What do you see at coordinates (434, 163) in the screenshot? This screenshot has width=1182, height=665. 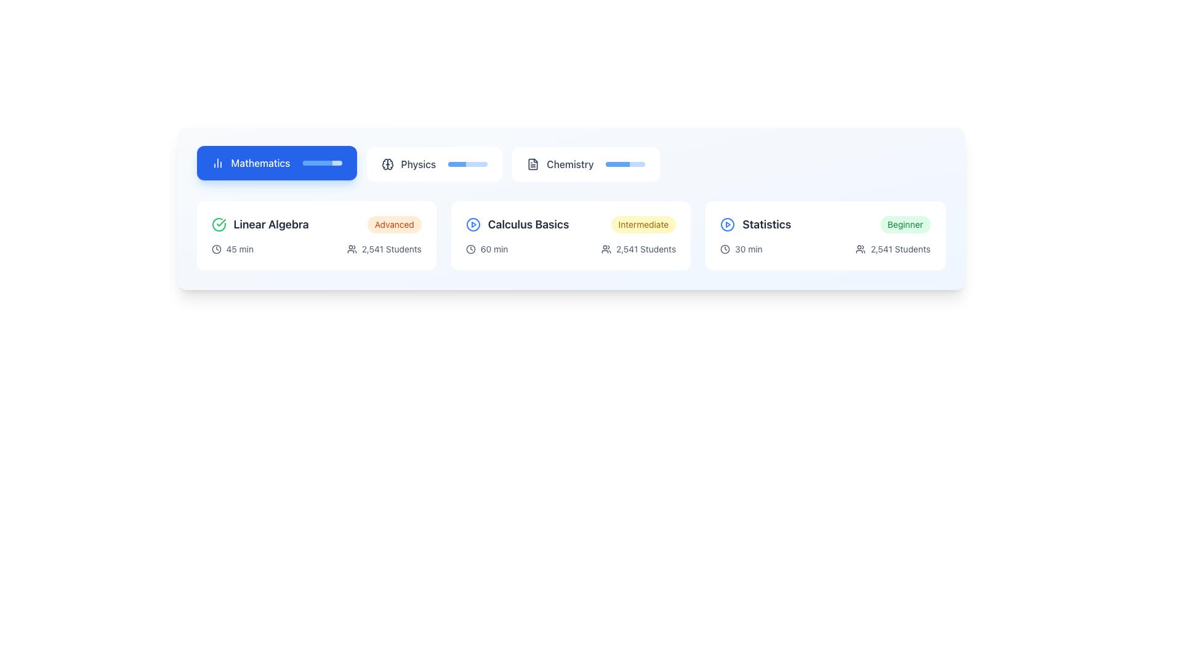 I see `the 'Physics' button, which is styled with a white background and rounded edges, located between 'Mathematics' and 'Chemistry' buttons in the middle section of the interface` at bounding box center [434, 163].